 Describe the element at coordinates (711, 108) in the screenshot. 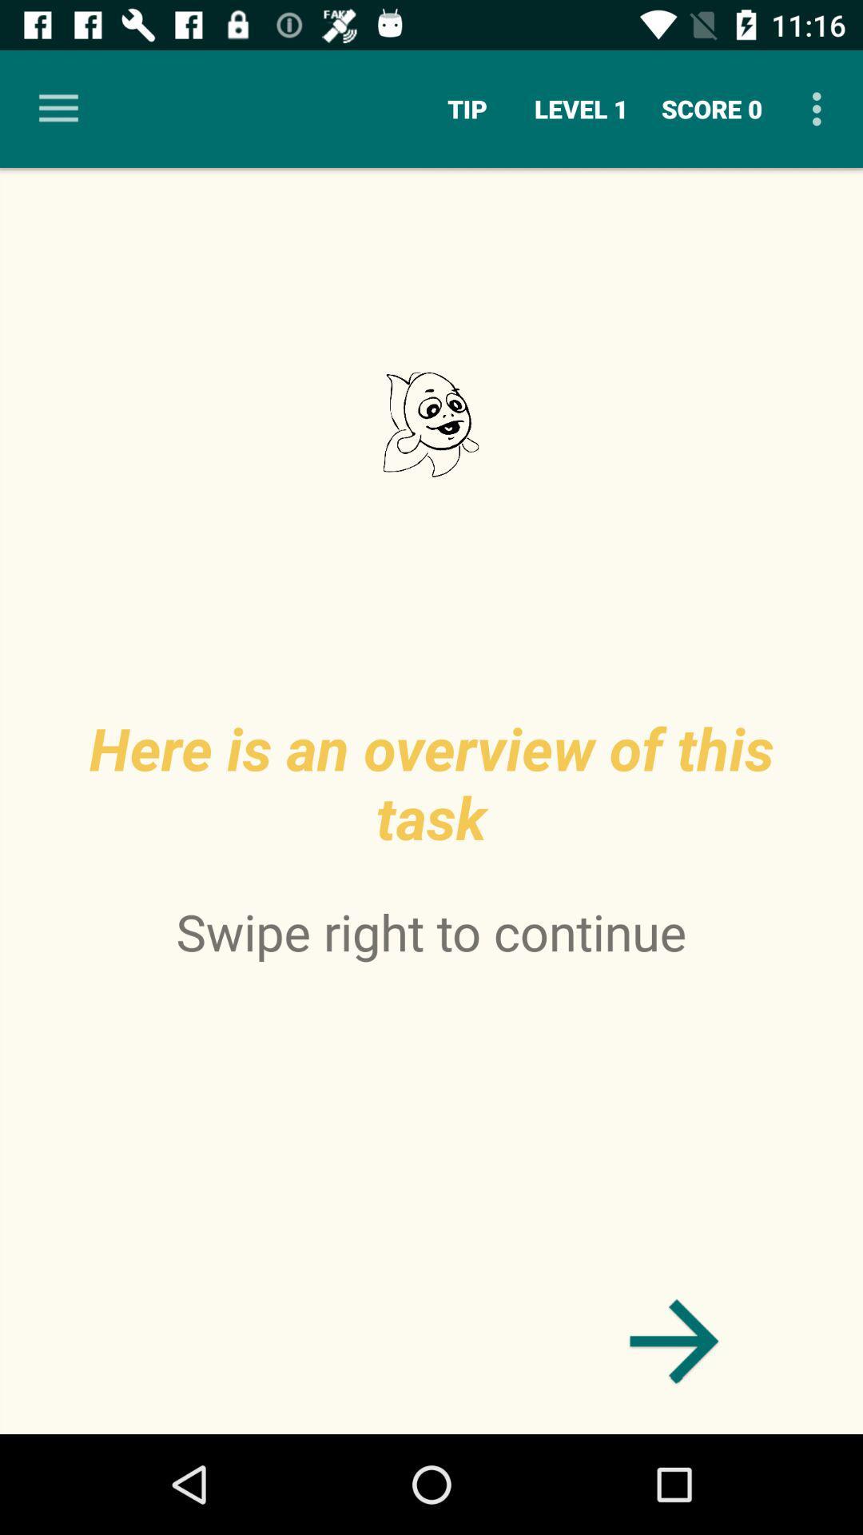

I see `the icon to the right of the level 1 item` at that location.